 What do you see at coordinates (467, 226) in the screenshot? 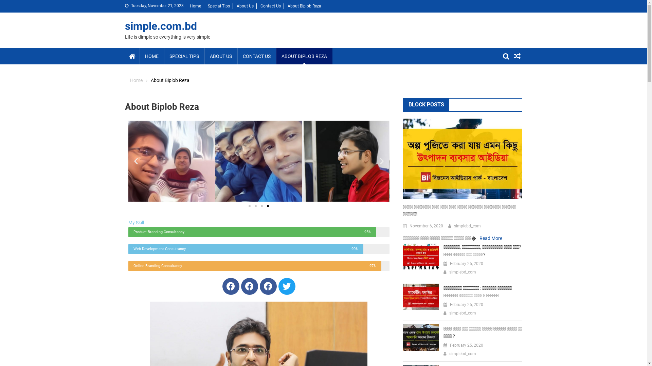
I see `'simplebd_com'` at bounding box center [467, 226].